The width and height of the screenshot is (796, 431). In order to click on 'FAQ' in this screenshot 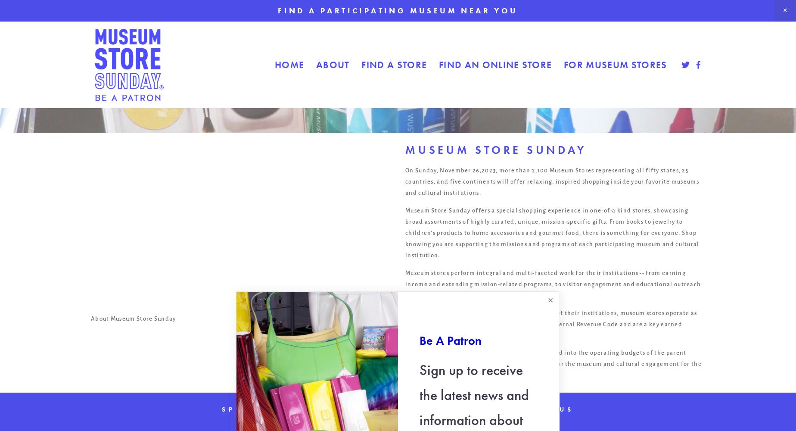, I will do `click(400, 409)`.